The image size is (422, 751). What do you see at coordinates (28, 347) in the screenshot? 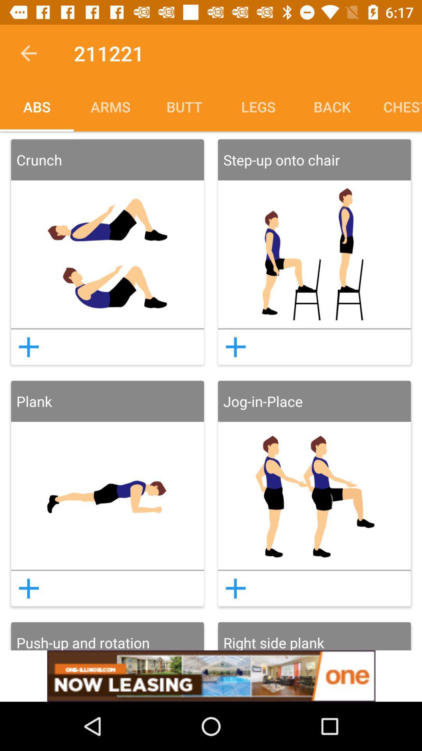
I see `increment button` at bounding box center [28, 347].